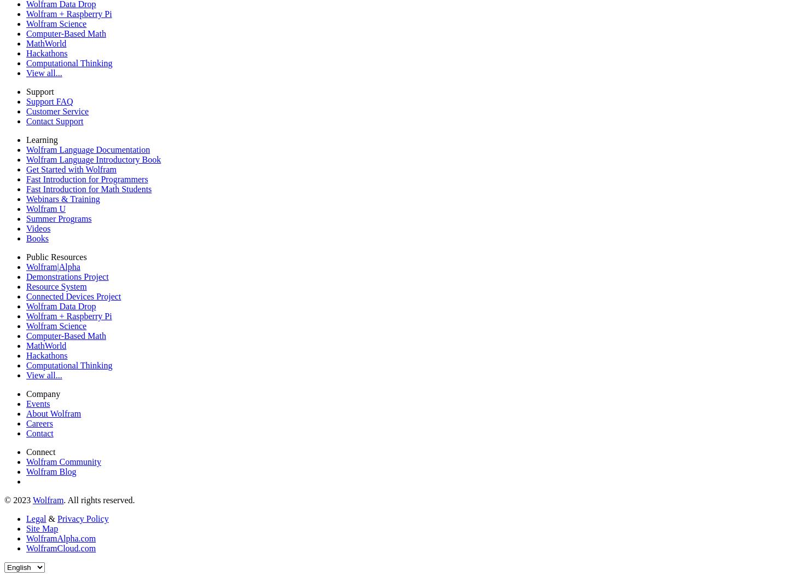  I want to click on 'Public Resources', so click(56, 257).